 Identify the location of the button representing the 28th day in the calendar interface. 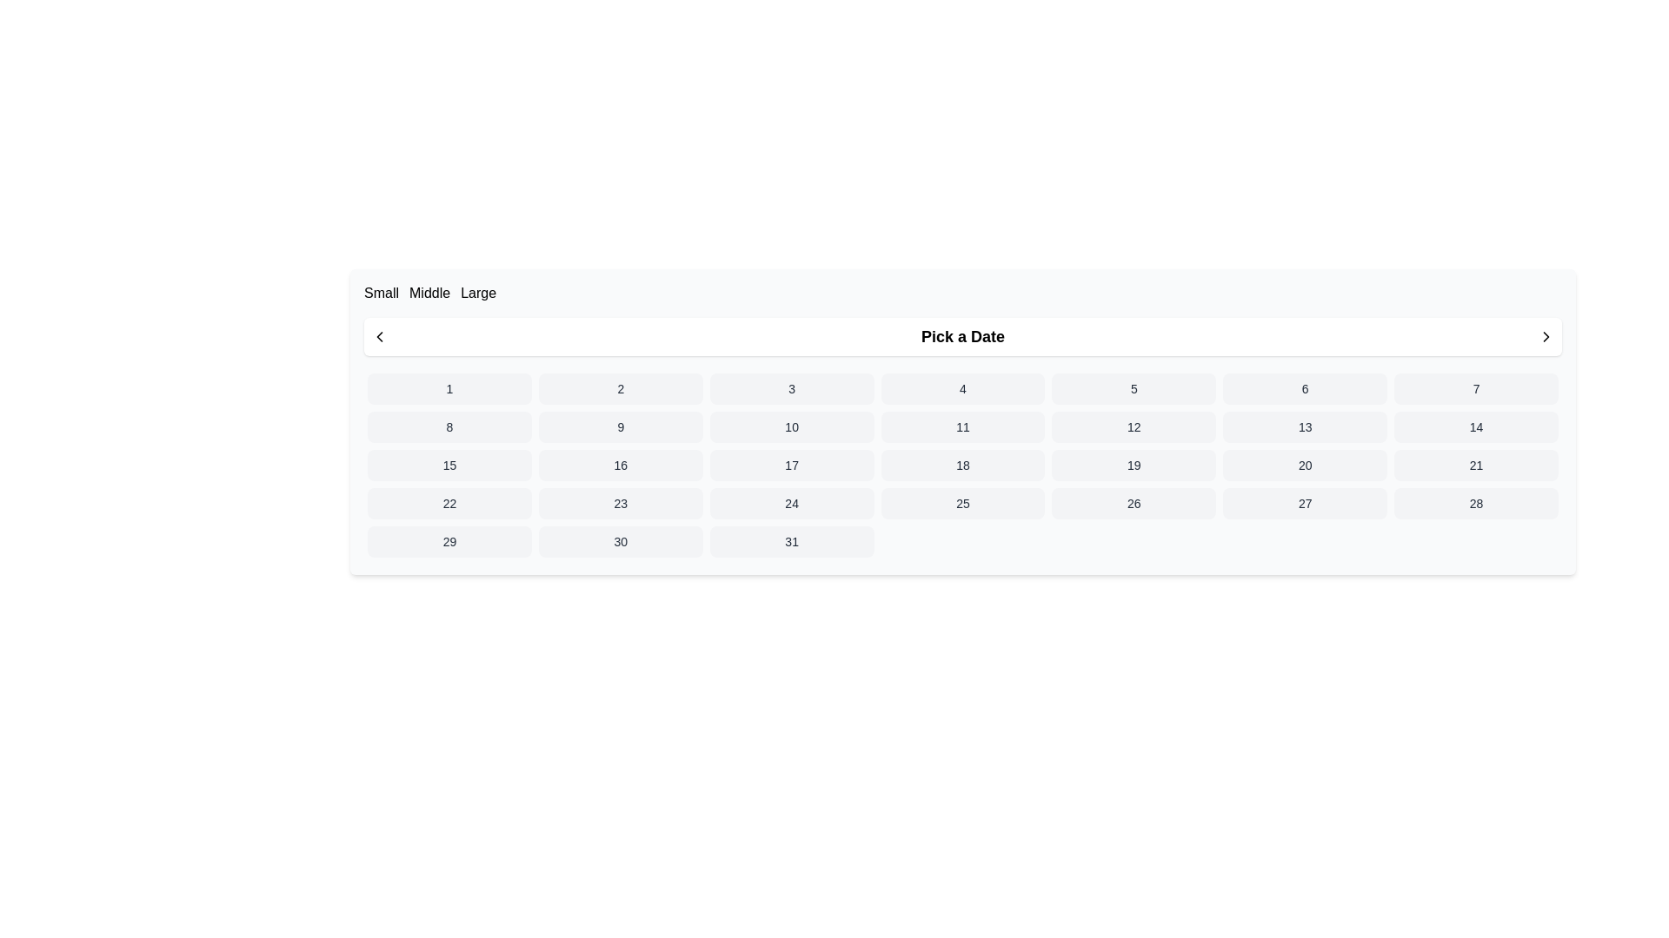
(1475, 503).